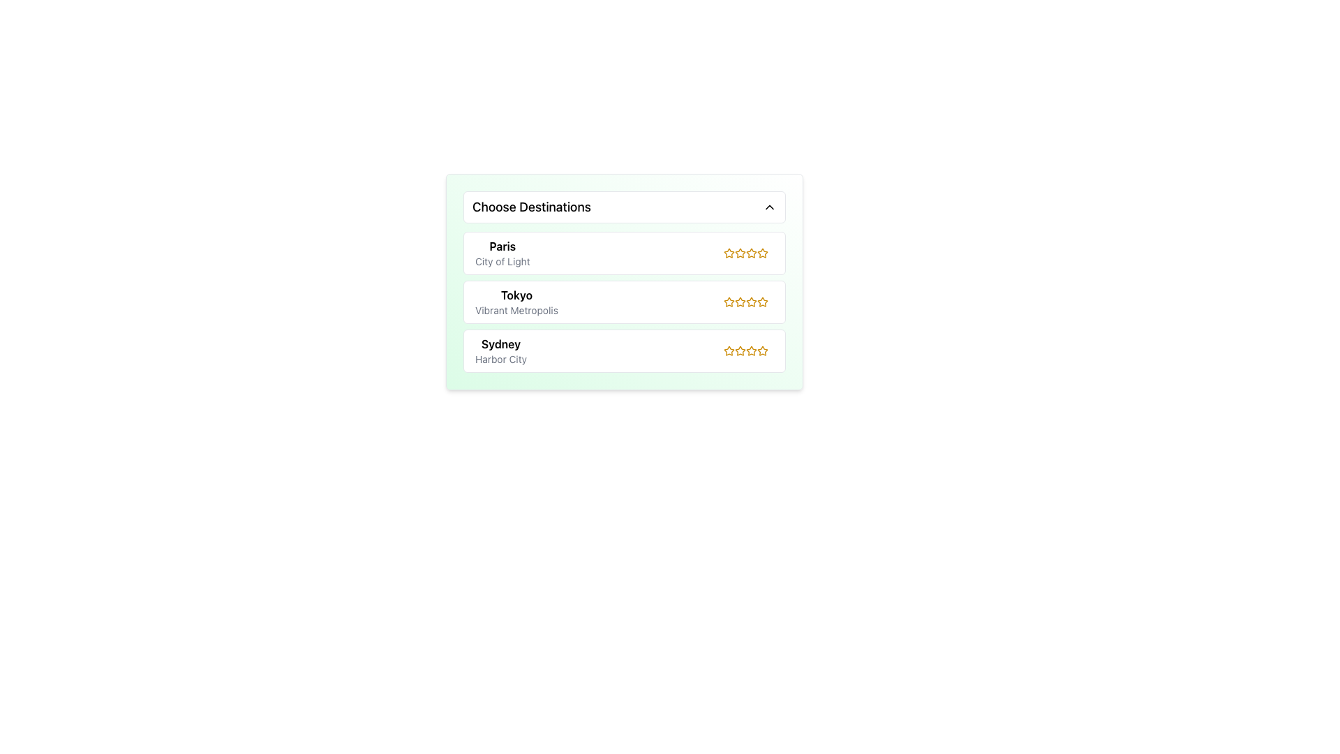 The height and width of the screenshot is (754, 1340). Describe the element at coordinates (502, 261) in the screenshot. I see `the static text descriptor located directly below the 'Paris' text element in the destination list` at that location.